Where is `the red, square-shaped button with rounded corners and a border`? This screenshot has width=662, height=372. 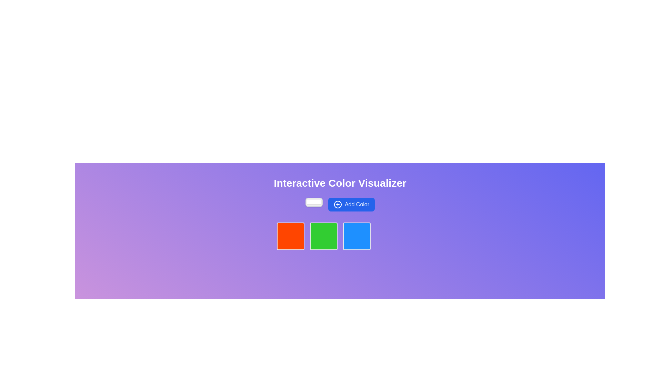 the red, square-shaped button with rounded corners and a border is located at coordinates (290, 236).